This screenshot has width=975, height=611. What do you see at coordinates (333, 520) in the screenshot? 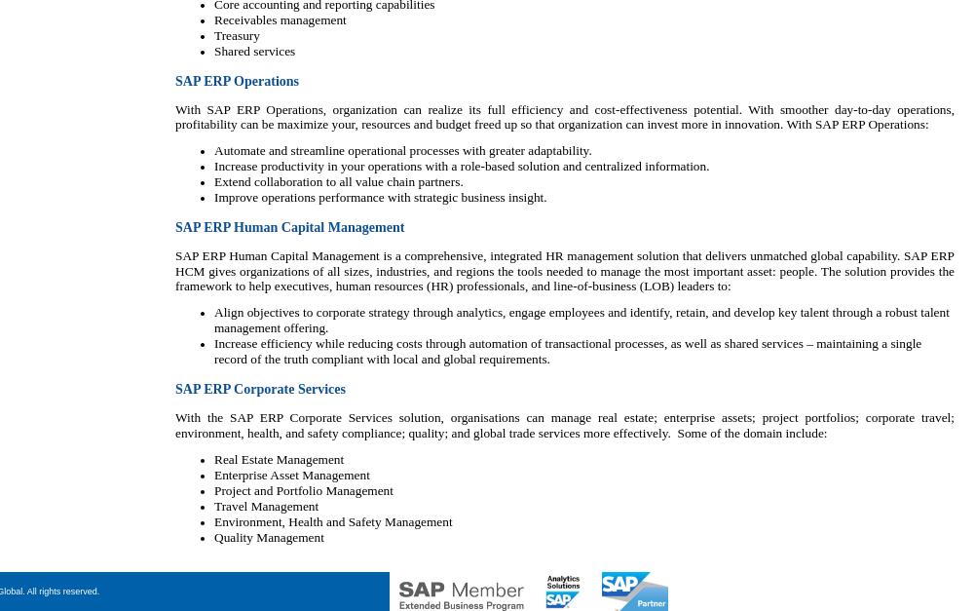
I see `'Environment, Health
     and Safety Management'` at bounding box center [333, 520].